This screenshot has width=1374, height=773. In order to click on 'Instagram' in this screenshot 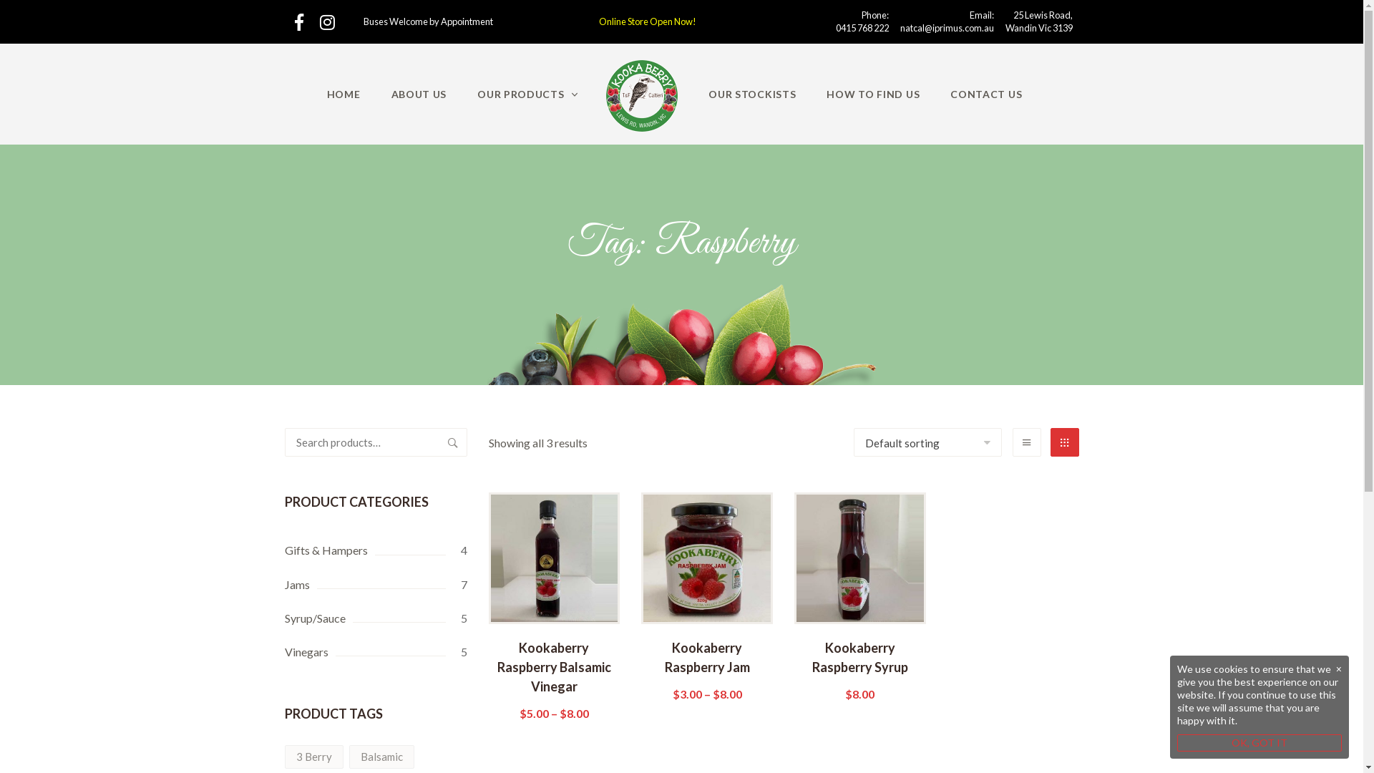, I will do `click(326, 21)`.